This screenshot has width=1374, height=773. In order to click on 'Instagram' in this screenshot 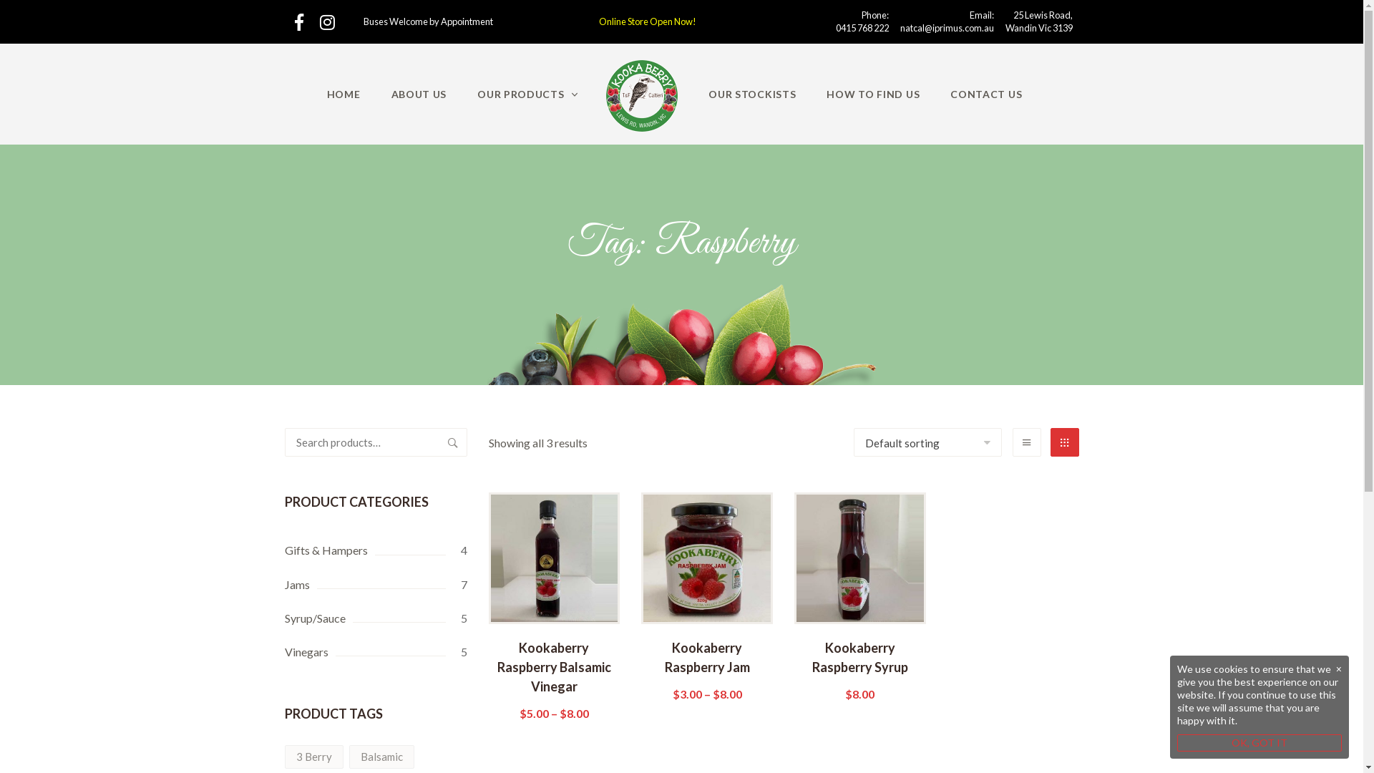, I will do `click(326, 21)`.